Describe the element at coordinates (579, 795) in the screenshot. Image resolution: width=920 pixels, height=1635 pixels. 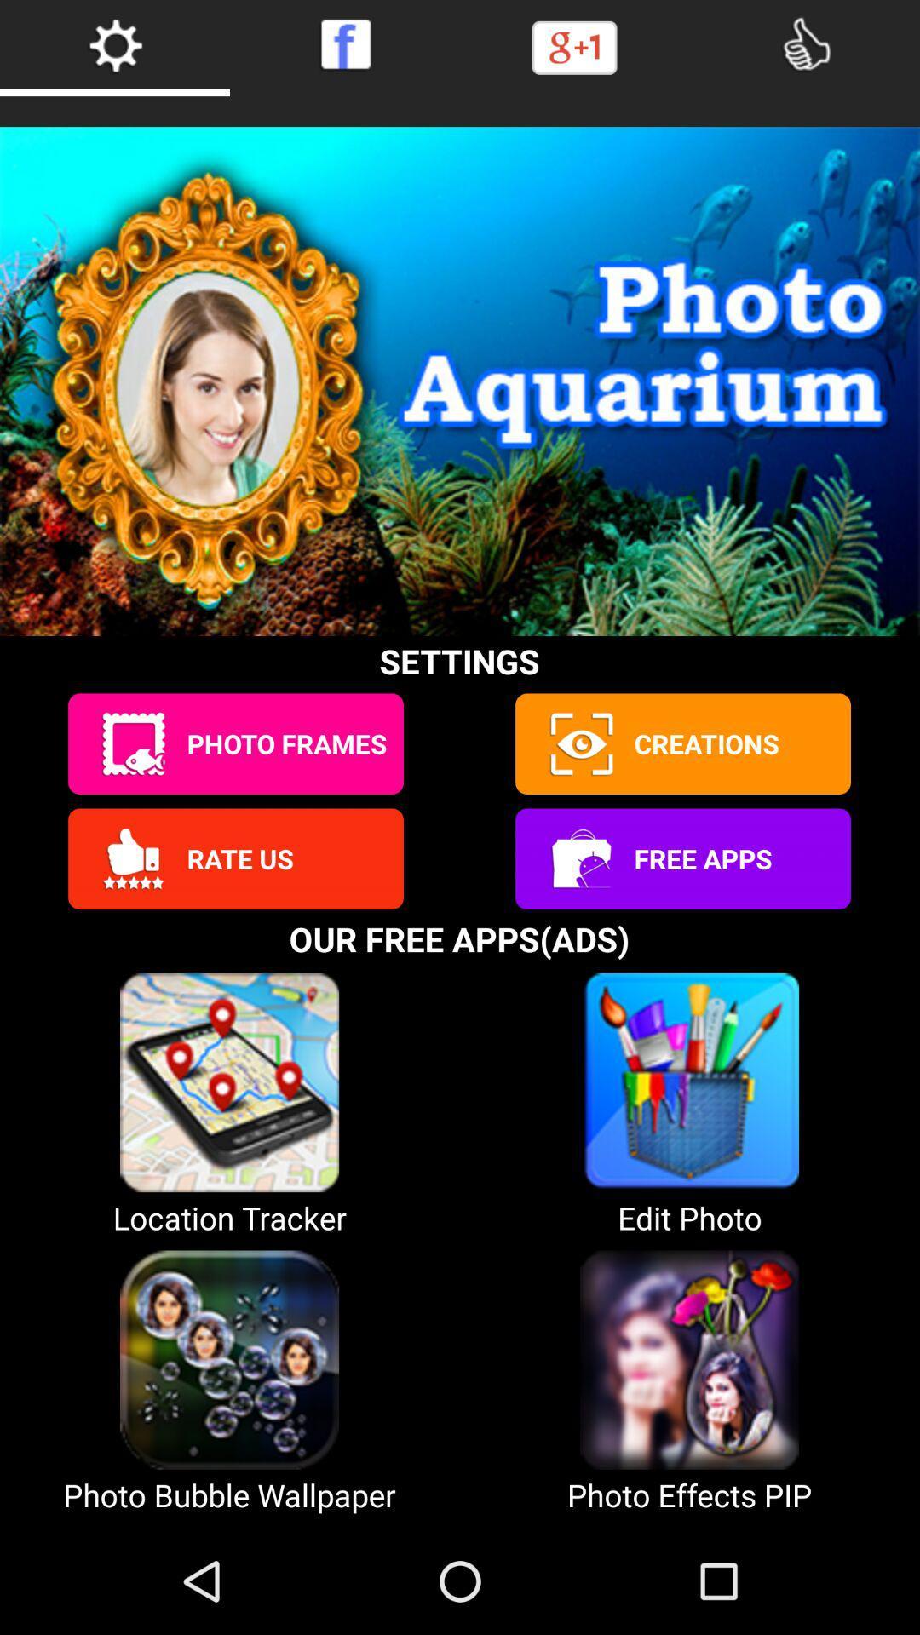
I see `the visibility icon` at that location.